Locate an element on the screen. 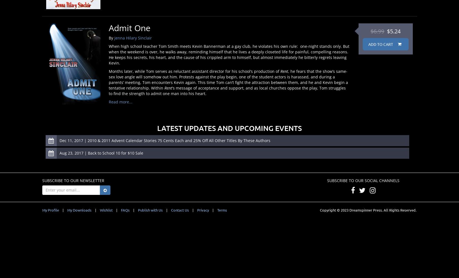 The image size is (459, 278). 'All Rights Reserved.' is located at coordinates (399, 210).